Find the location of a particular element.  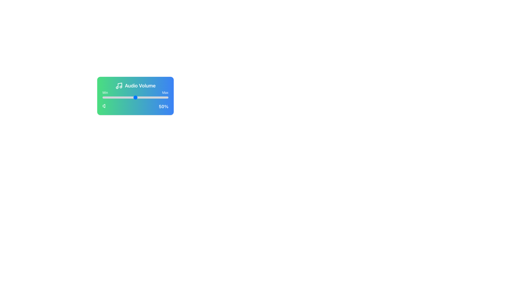

the mute or sound-related icon located under the 'Min' label in the audio control interface is located at coordinates (104, 106).